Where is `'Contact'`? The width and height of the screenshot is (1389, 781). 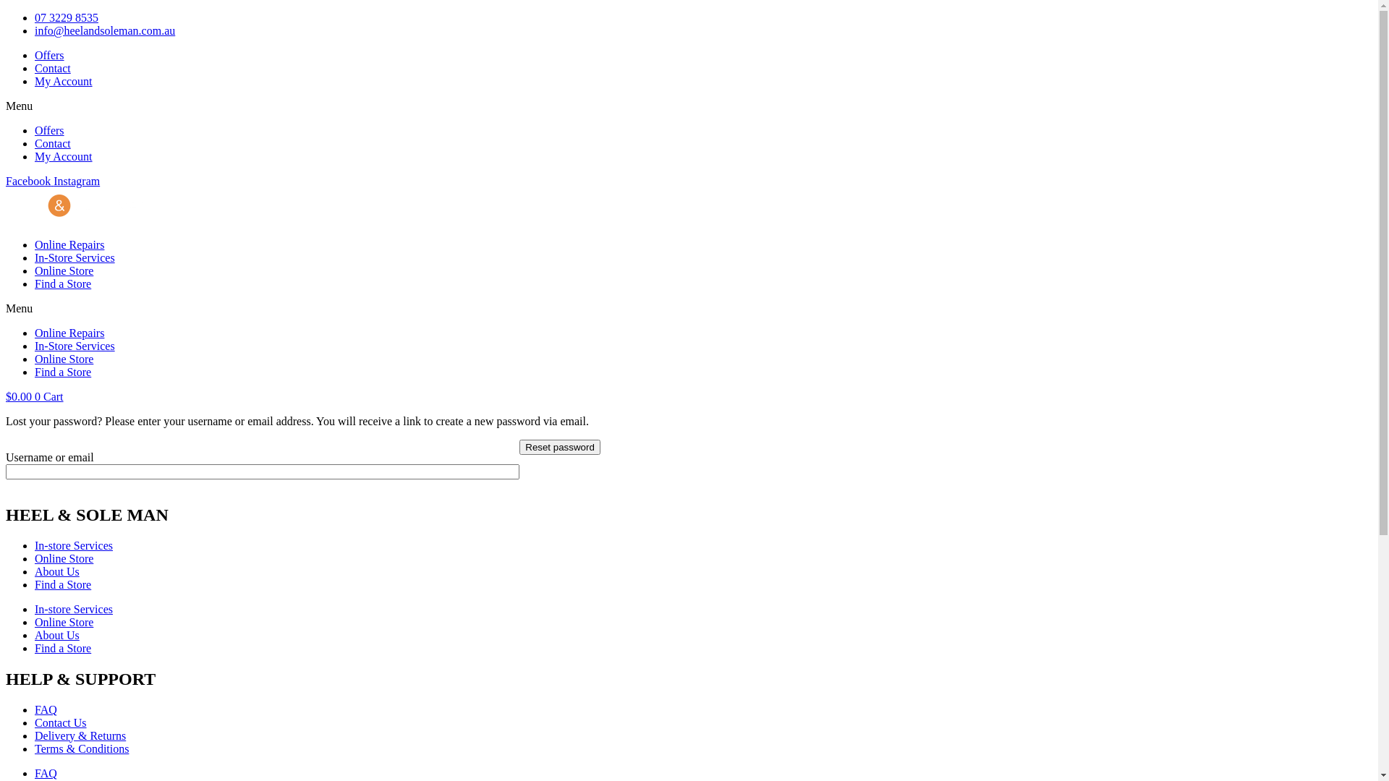 'Contact' is located at coordinates (52, 143).